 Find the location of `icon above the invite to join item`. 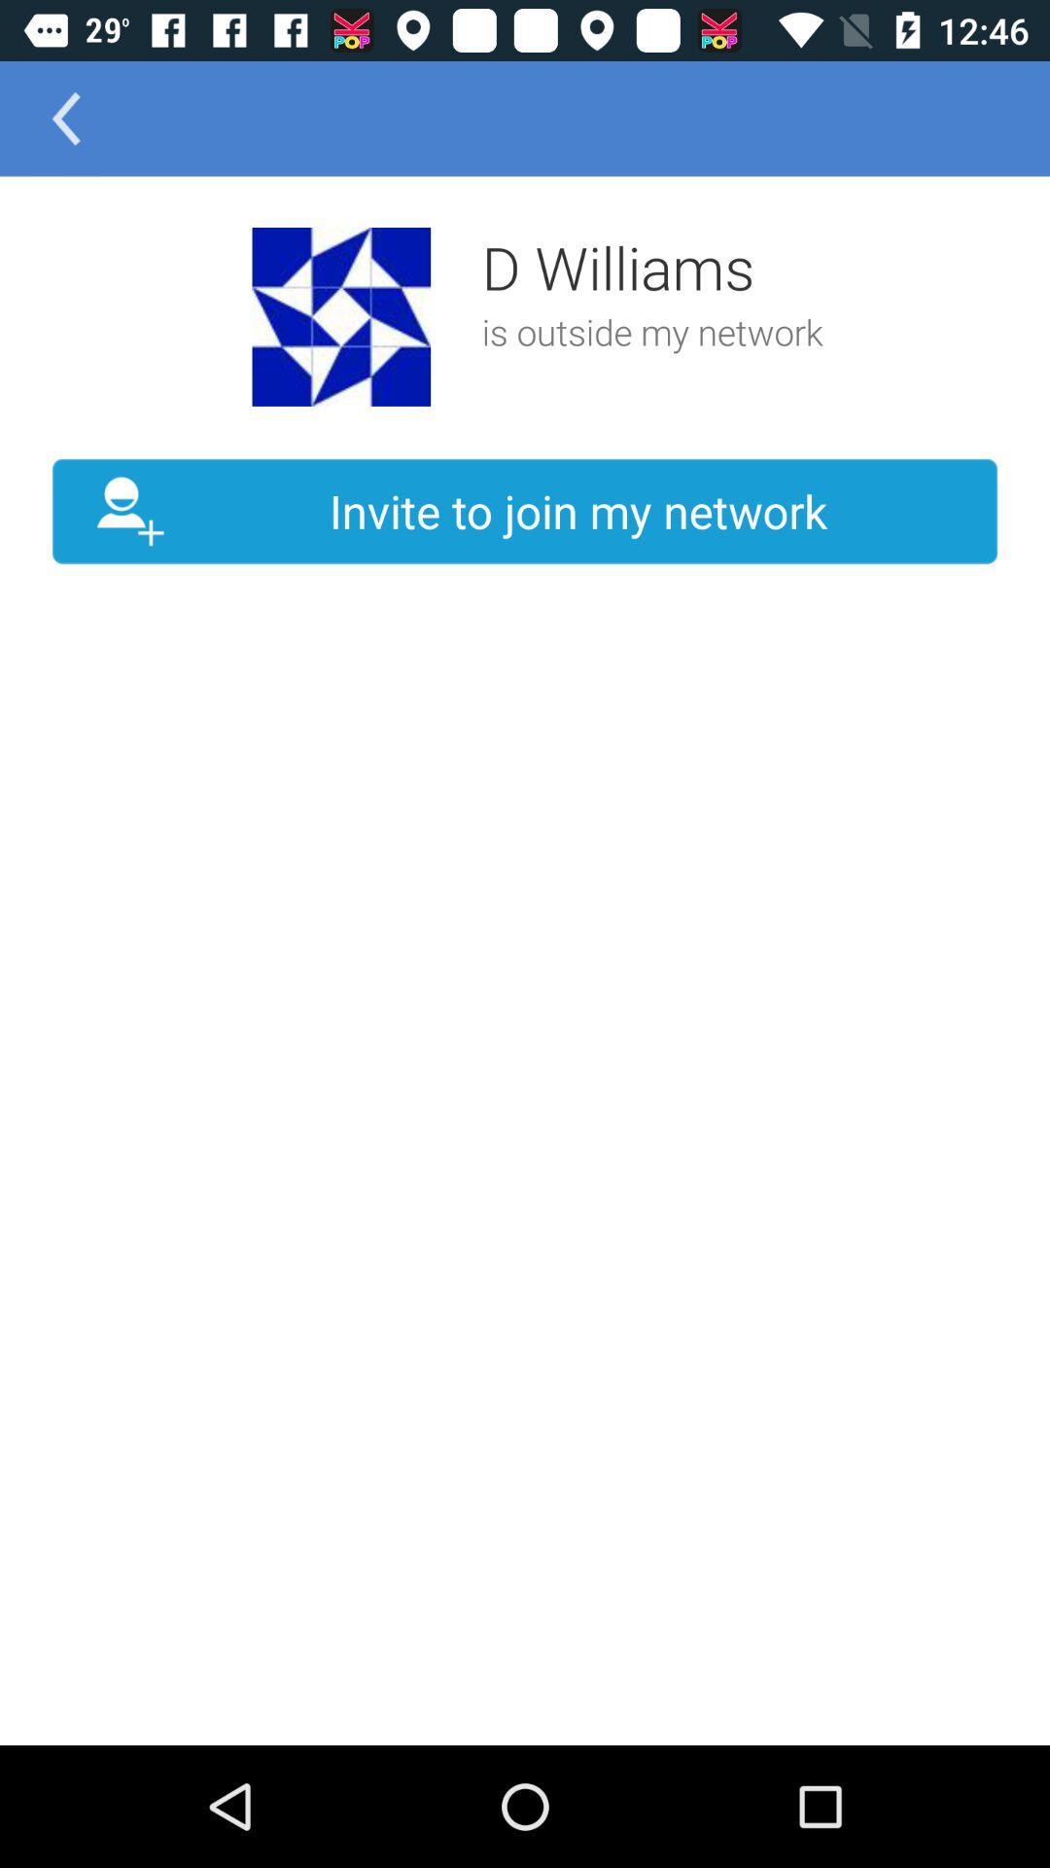

icon above the invite to join item is located at coordinates (340, 316).